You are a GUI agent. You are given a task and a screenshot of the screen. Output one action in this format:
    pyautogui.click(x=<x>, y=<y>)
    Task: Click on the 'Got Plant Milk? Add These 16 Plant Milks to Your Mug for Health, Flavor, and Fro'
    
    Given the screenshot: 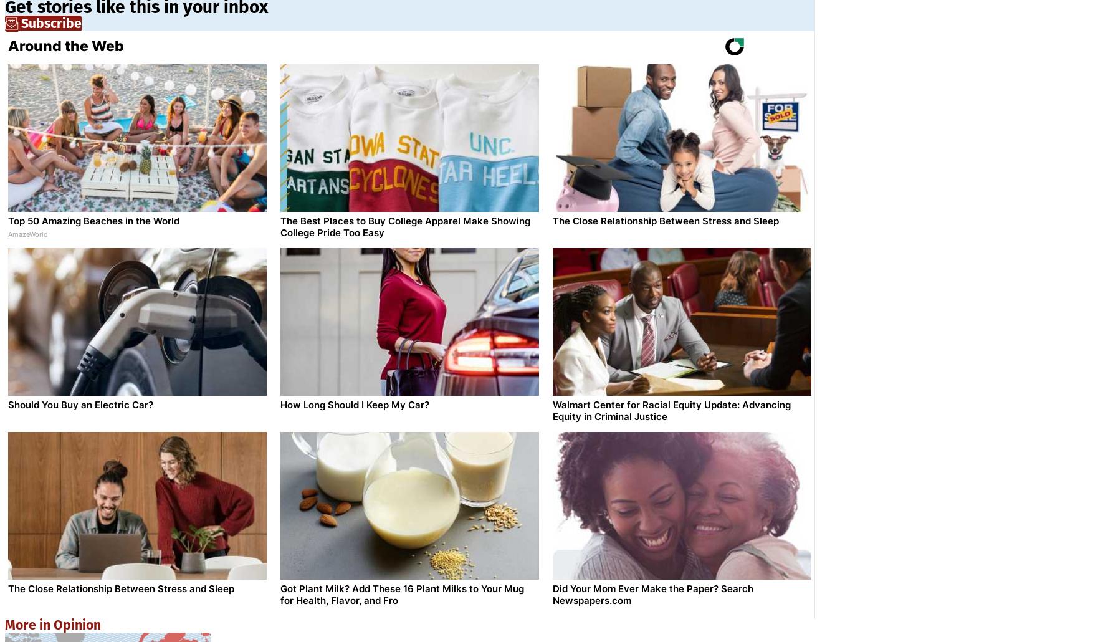 What is the action you would take?
    pyautogui.click(x=401, y=593)
    